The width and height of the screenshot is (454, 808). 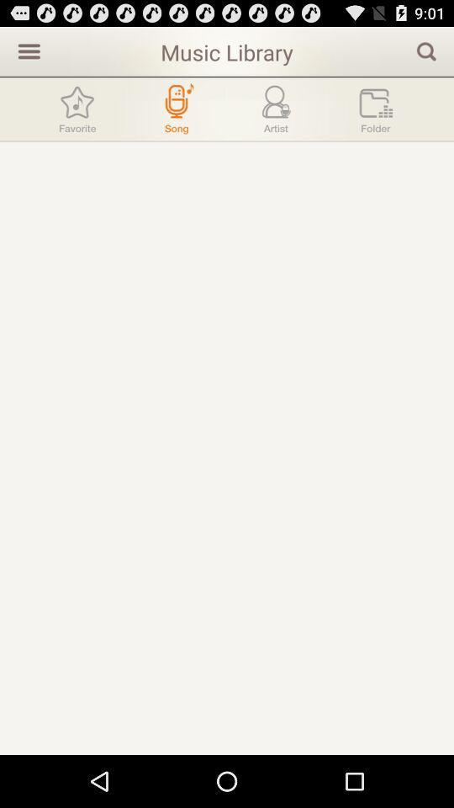 I want to click on item next to the music library, so click(x=426, y=50).